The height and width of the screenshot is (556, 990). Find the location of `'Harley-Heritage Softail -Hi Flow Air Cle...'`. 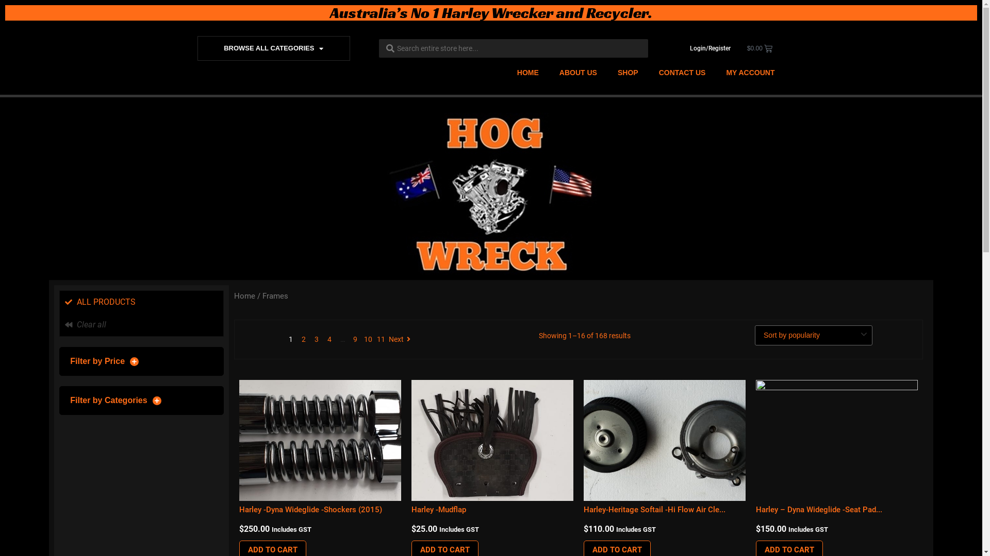

'Harley-Heritage Softail -Hi Flow Air Cle...' is located at coordinates (654, 510).